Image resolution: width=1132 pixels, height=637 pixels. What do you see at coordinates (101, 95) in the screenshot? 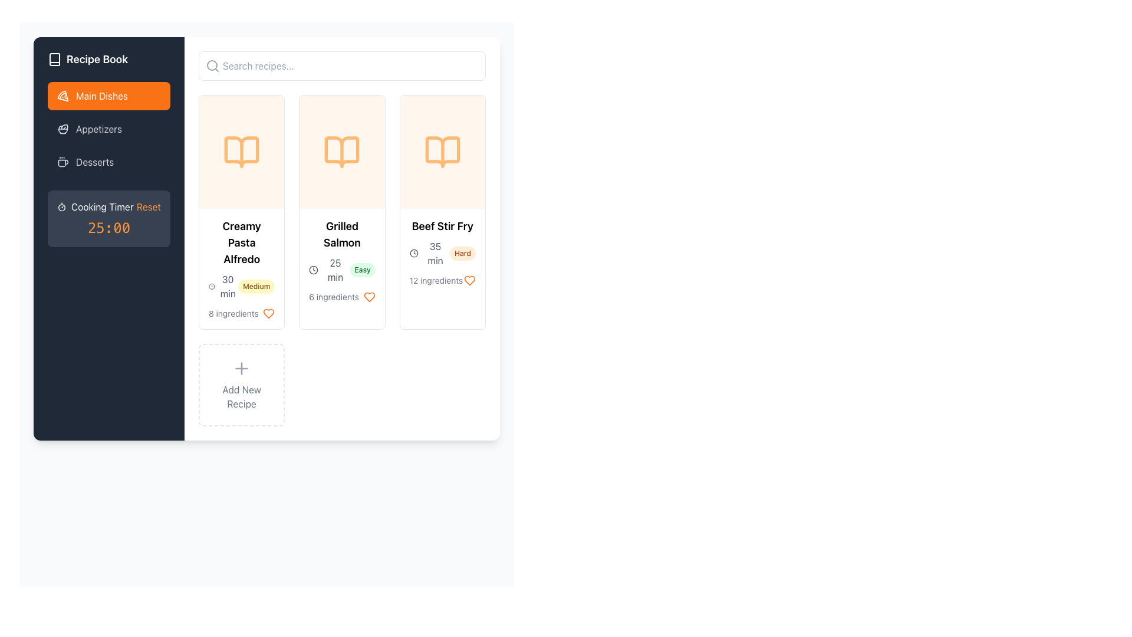
I see `the 'Main Dishes' text label in the navigation menu` at bounding box center [101, 95].